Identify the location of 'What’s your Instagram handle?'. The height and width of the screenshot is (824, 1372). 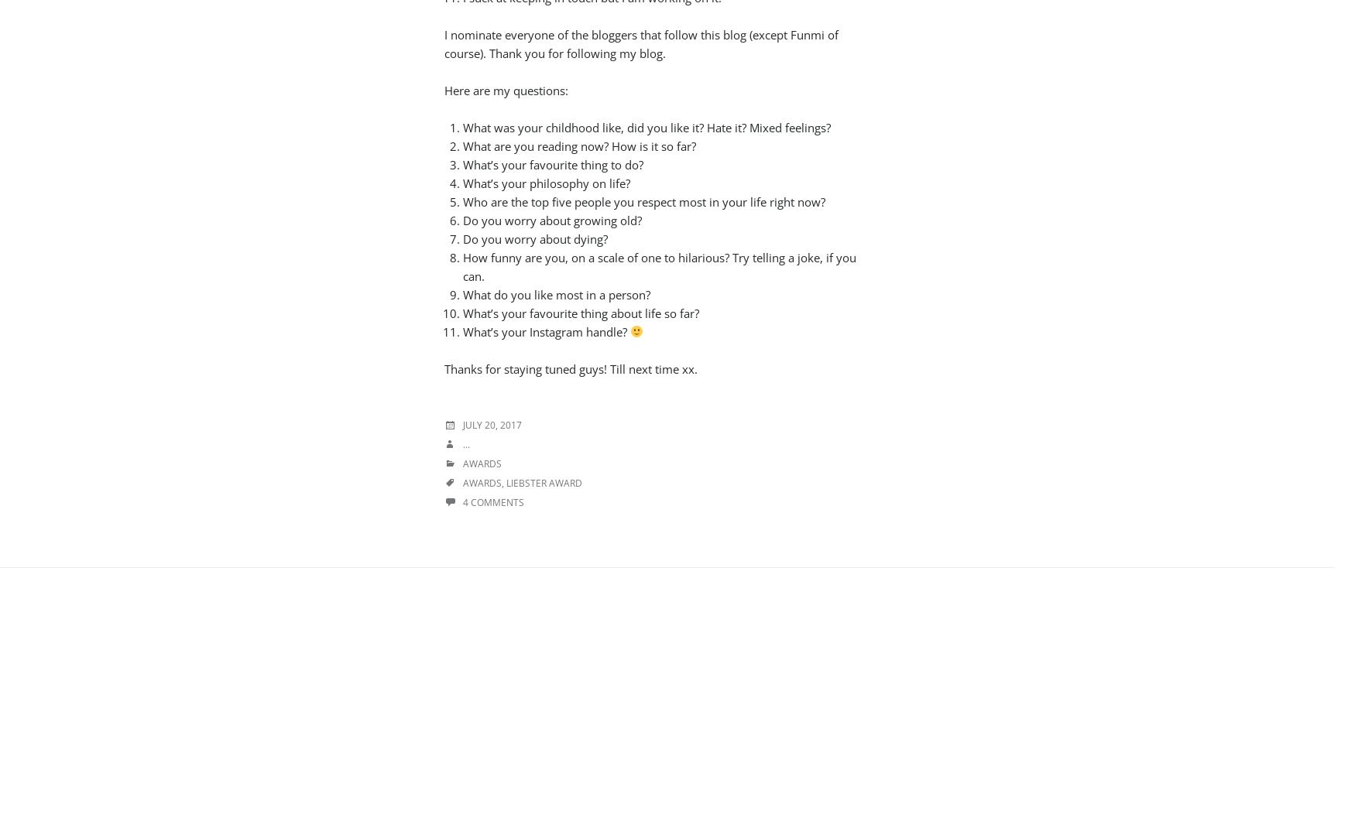
(545, 330).